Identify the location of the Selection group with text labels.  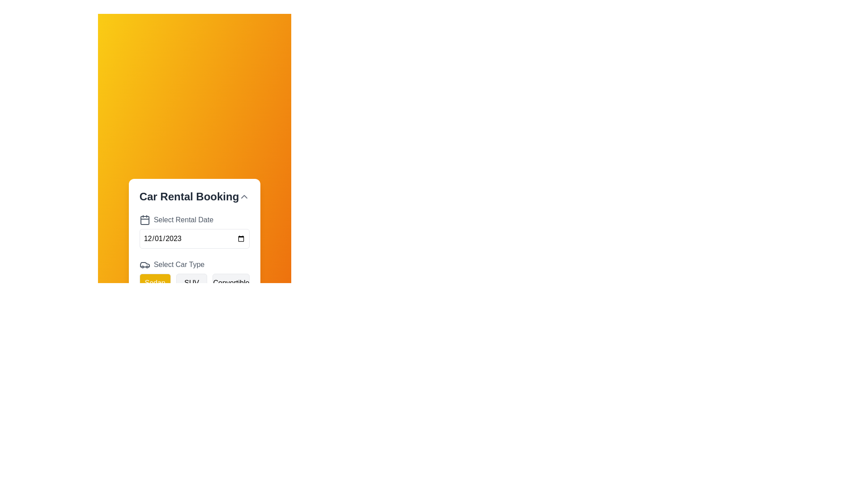
(194, 275).